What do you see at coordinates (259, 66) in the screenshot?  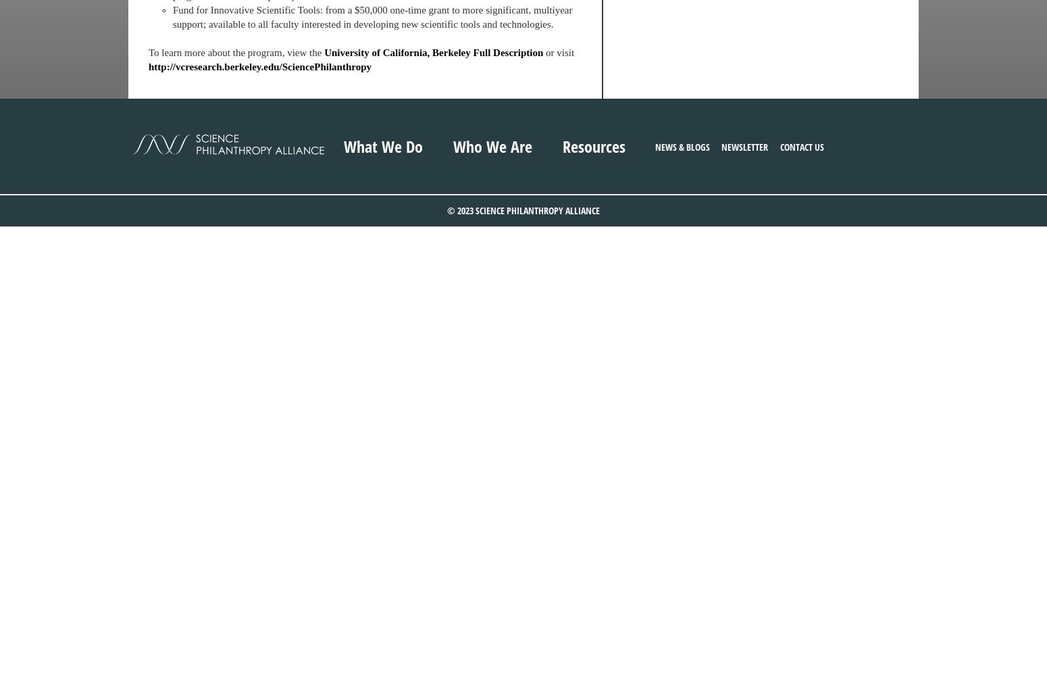 I see `'http://vcresearch.berkeley.edu/SciencePhilanthropy'` at bounding box center [259, 66].